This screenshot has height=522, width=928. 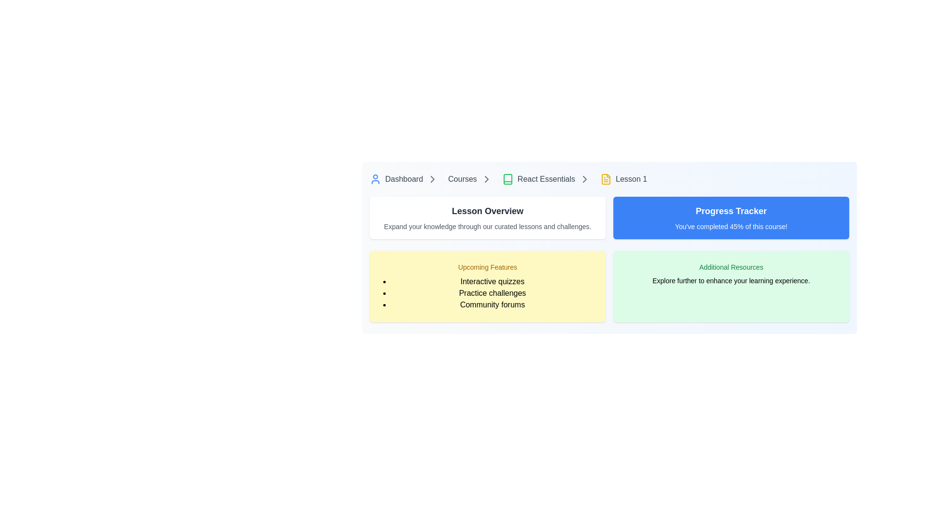 What do you see at coordinates (731, 210) in the screenshot?
I see `the 'Progress Tracker' text label, which is displayed in bold white font on a blue background, indicating the progress completion details` at bounding box center [731, 210].